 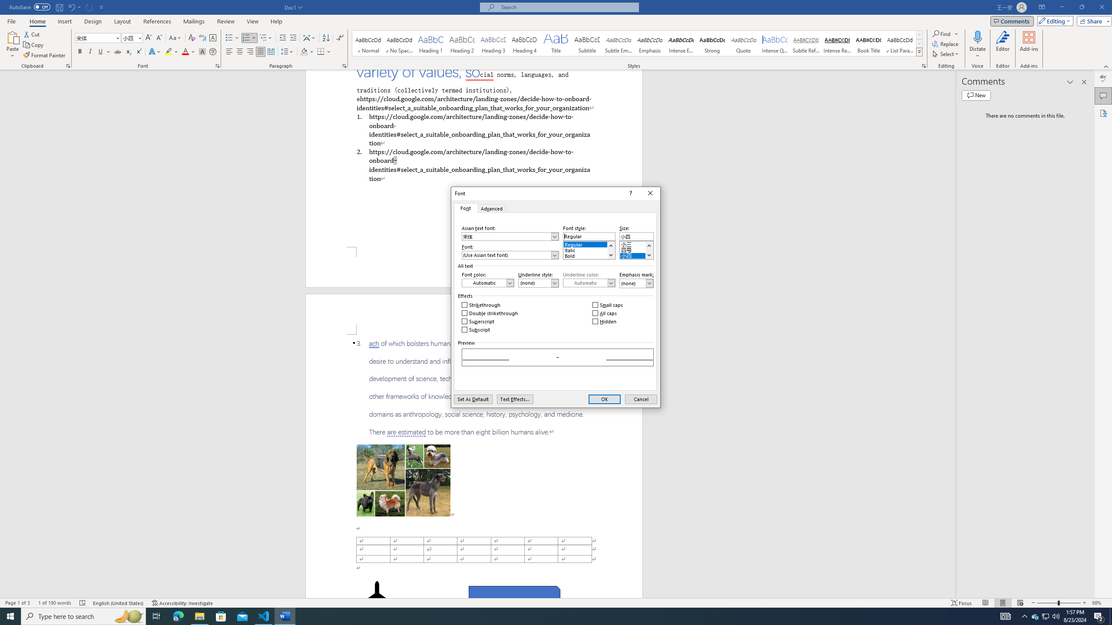 I want to click on 'Undo Apply Quick Style', so click(x=71, y=7).